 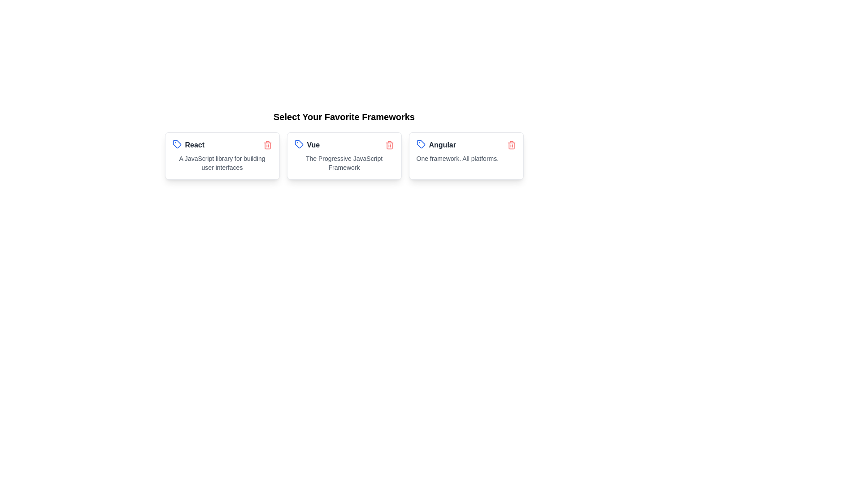 What do you see at coordinates (511, 145) in the screenshot?
I see `the delete icon of the chip labeled Angular to remove it` at bounding box center [511, 145].